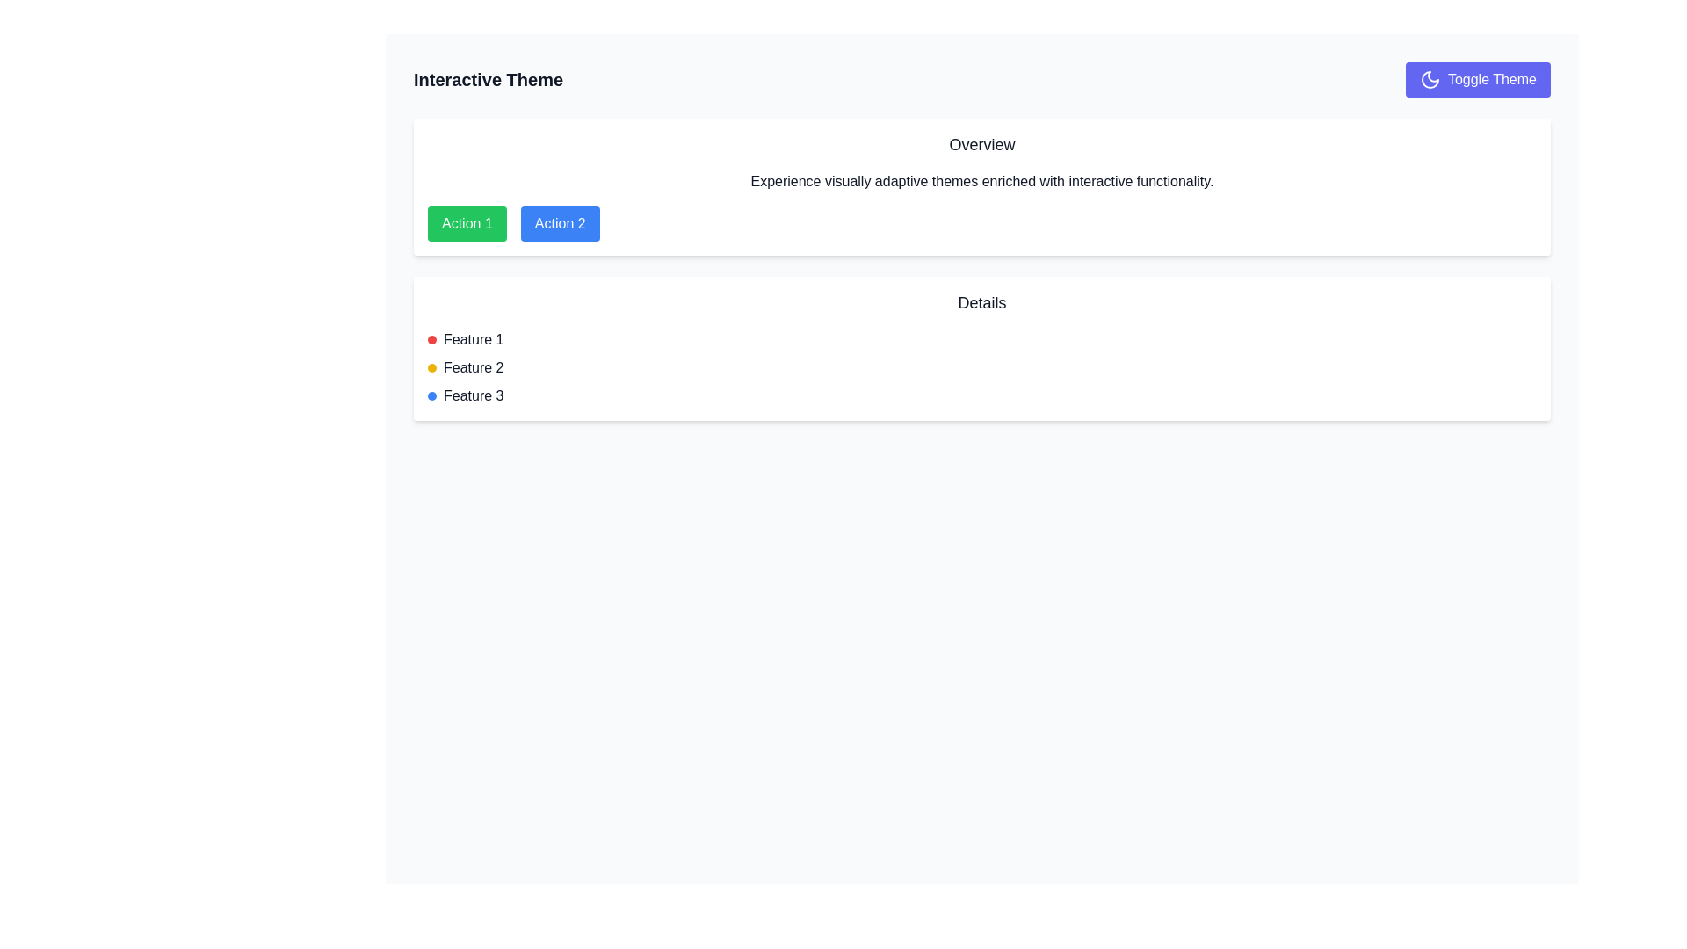  I want to click on the non-interactive heading that identifies the section, positioned above the 'Toggle Theme' button and near the moon icon, so click(489, 80).